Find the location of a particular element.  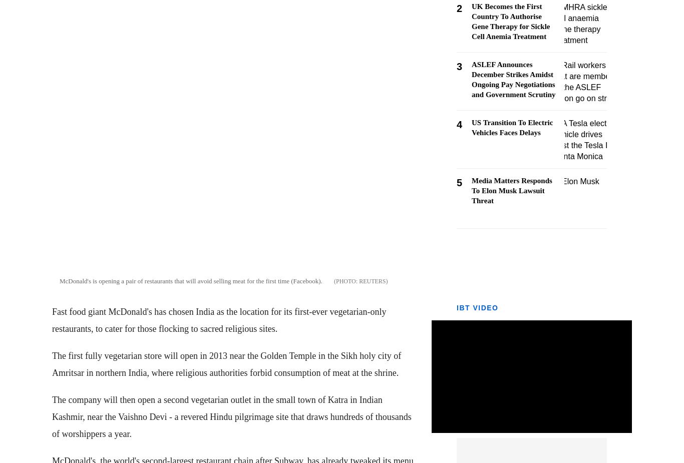

'- Crypto' is located at coordinates (20, 164).